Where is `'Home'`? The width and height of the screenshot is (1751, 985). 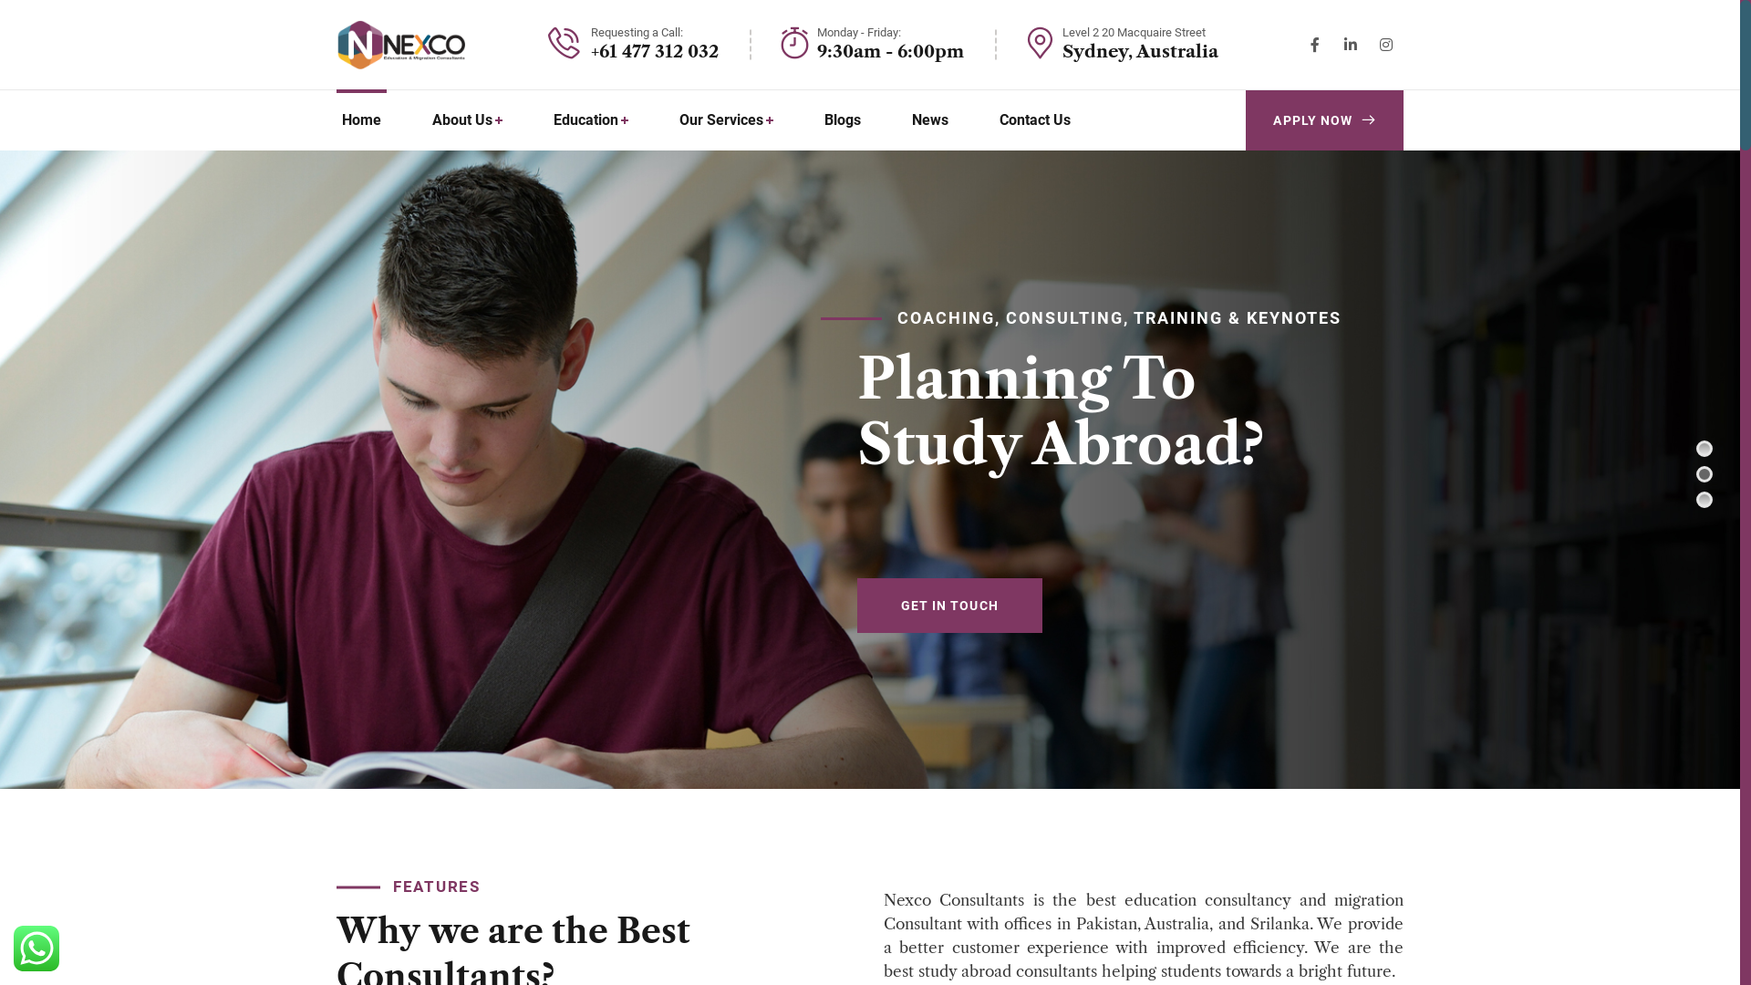 'Home' is located at coordinates (361, 119).